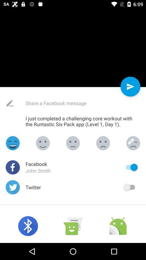  Describe the element at coordinates (130, 187) in the screenshot. I see `twitter option` at that location.